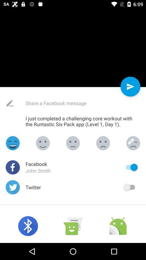  Describe the element at coordinates (130, 187) in the screenshot. I see `twitter option` at that location.